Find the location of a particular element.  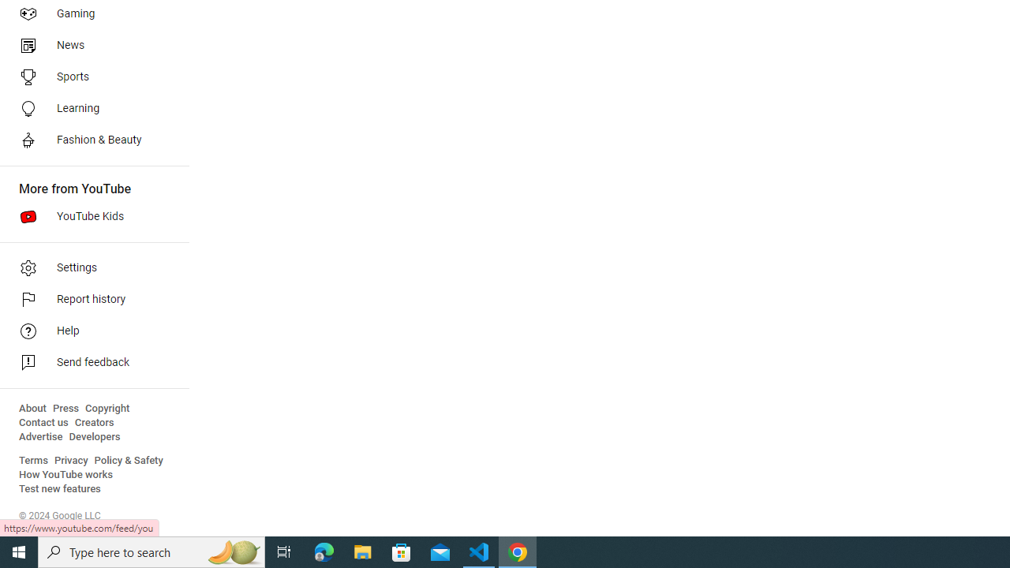

'Contact us' is located at coordinates (43, 422).